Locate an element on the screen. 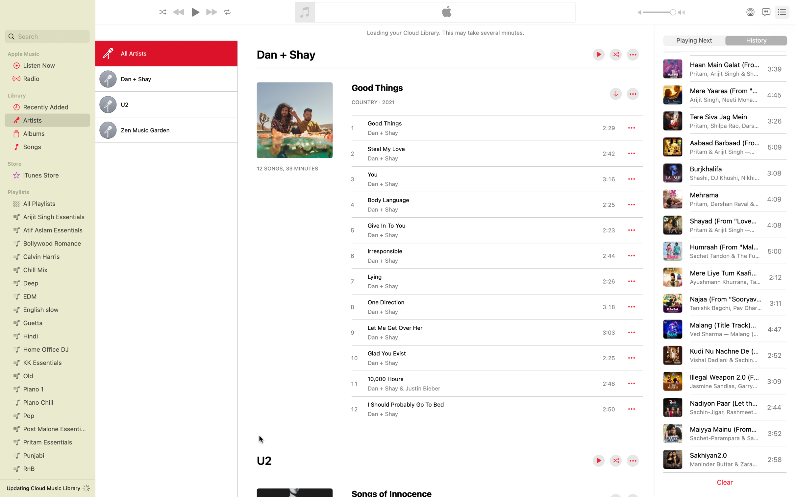 The width and height of the screenshot is (796, 497). the extended menu for "Good Things" song is located at coordinates (631, 127).